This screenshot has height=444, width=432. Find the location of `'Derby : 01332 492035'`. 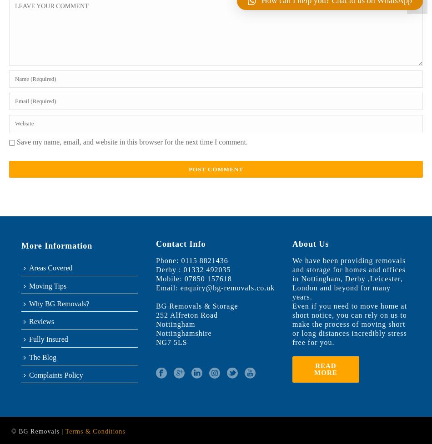

'Derby : 01332 492035' is located at coordinates (192, 269).